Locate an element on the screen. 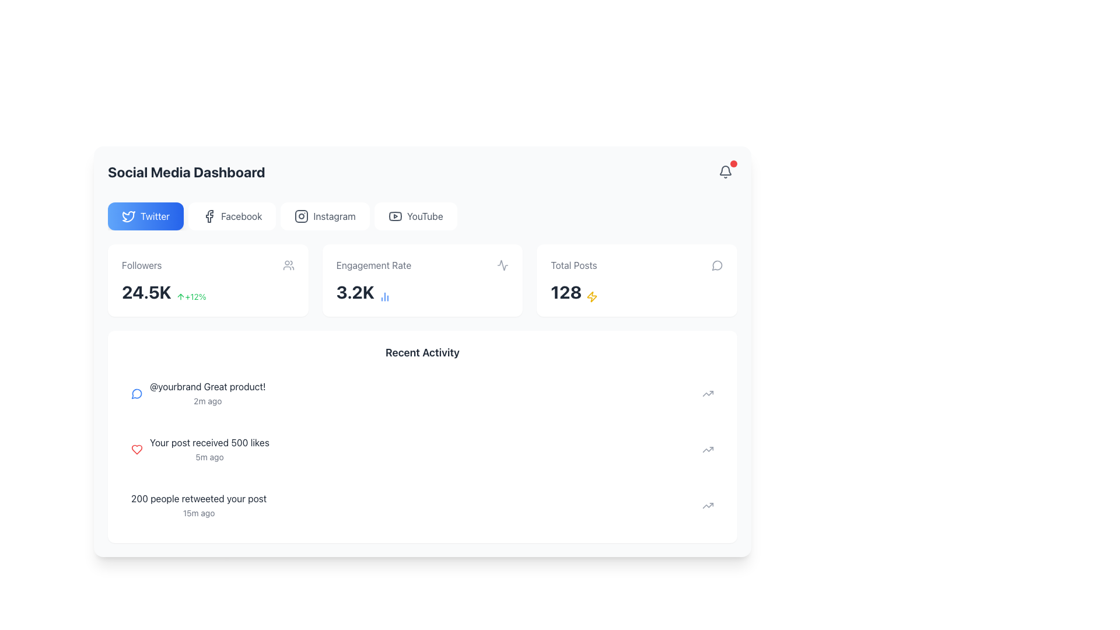  the navigation button for Facebook located in the top horizontal menu, second from the left is located at coordinates (232, 216).